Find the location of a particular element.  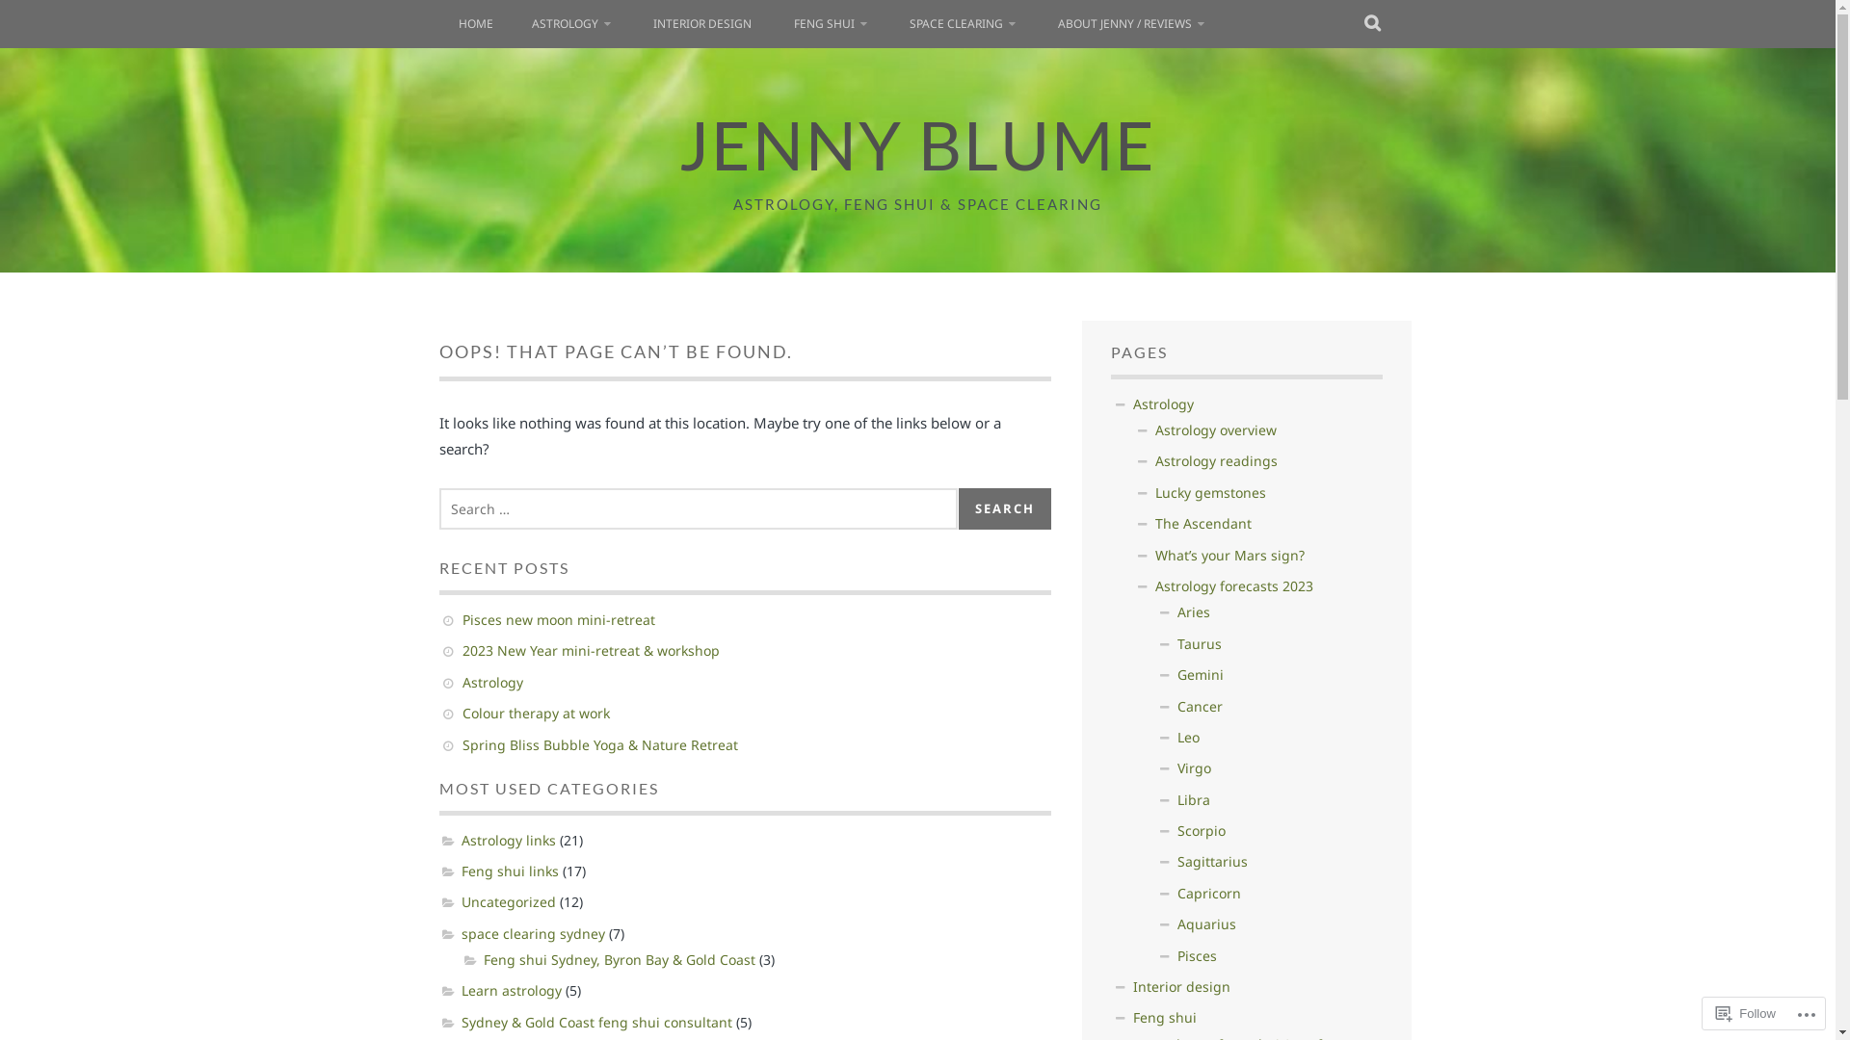

'Interior design' is located at coordinates (1180, 986).